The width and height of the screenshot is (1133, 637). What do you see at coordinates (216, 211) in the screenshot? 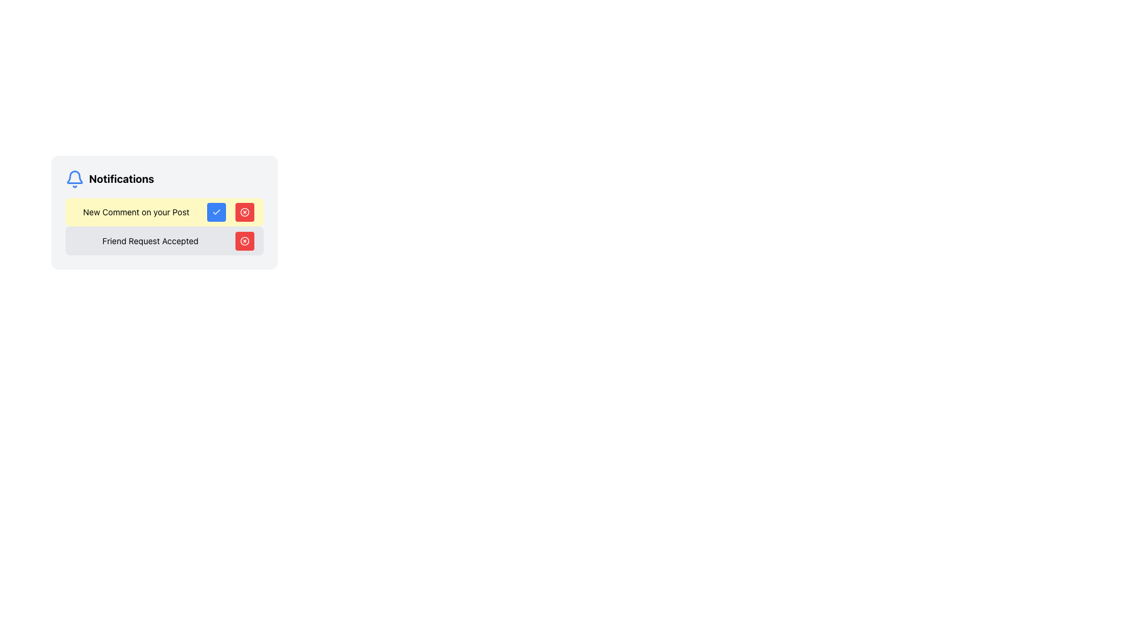
I see `the small blue button with rounded corners containing a white checkmark icon, located within the 'New Comment on your Post' notification box` at bounding box center [216, 211].